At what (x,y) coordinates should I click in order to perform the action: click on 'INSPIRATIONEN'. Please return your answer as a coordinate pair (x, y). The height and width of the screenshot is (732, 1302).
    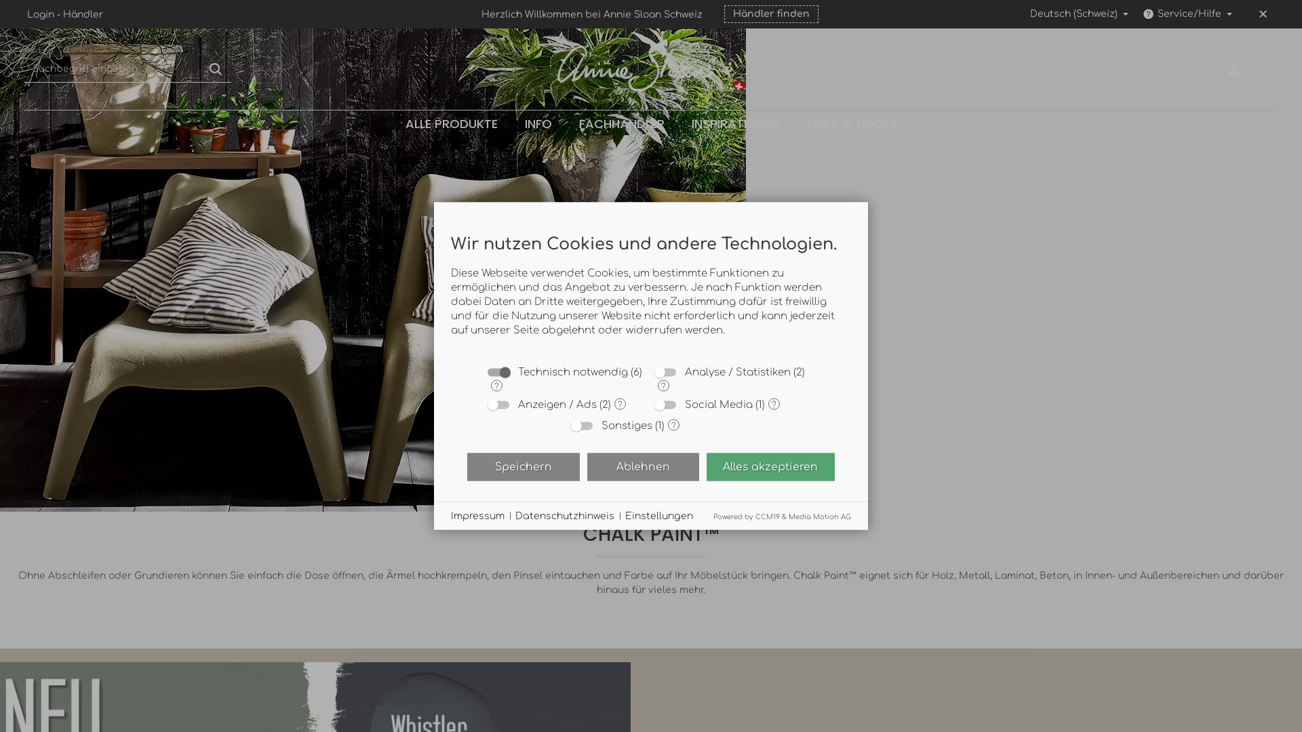
    Looking at the image, I should click on (677, 123).